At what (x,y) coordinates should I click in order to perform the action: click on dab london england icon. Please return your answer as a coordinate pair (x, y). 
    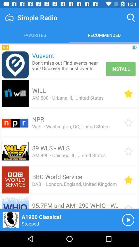
    Looking at the image, I should click on (74, 184).